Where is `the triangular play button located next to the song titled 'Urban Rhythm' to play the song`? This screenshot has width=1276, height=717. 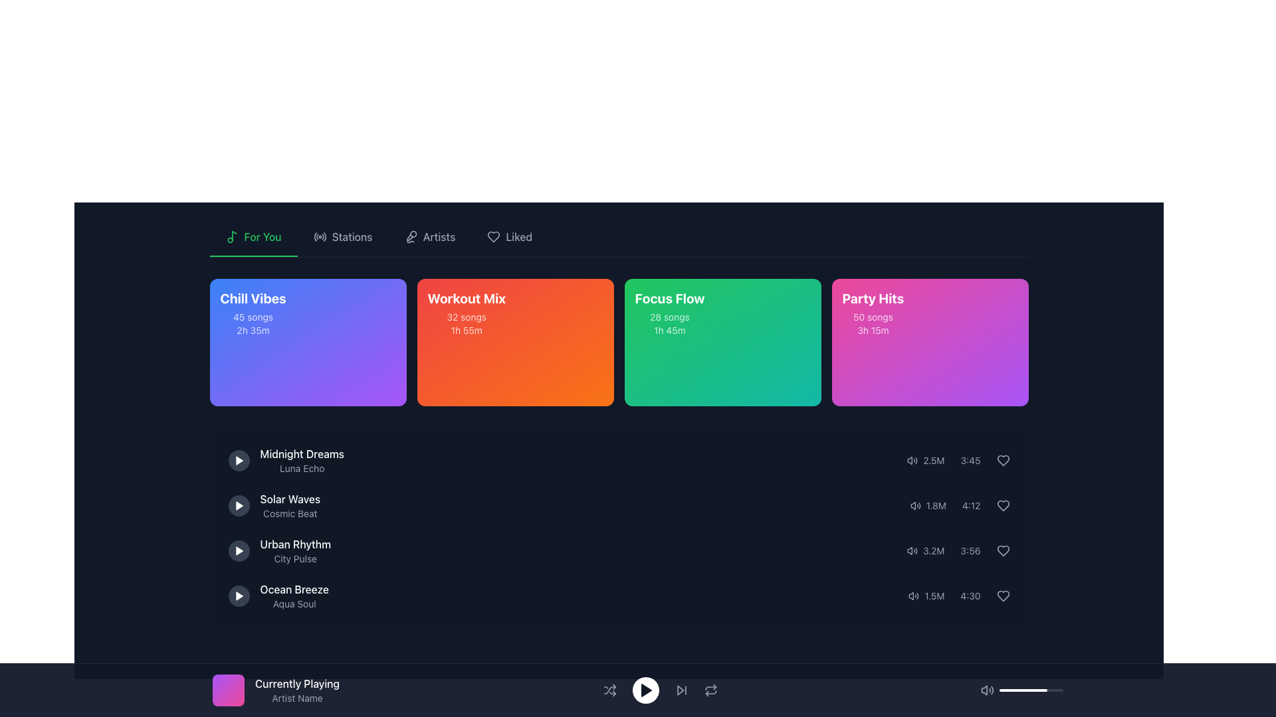 the triangular play button located next to the song titled 'Urban Rhythm' to play the song is located at coordinates (239, 550).